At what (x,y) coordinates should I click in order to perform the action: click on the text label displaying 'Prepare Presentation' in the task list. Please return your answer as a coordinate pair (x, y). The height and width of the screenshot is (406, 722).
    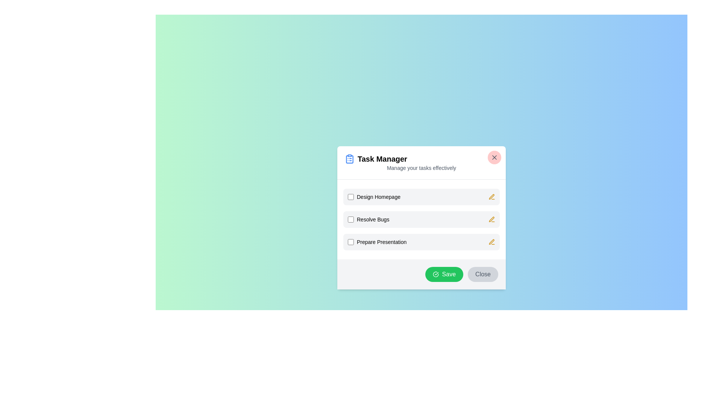
    Looking at the image, I should click on (382, 242).